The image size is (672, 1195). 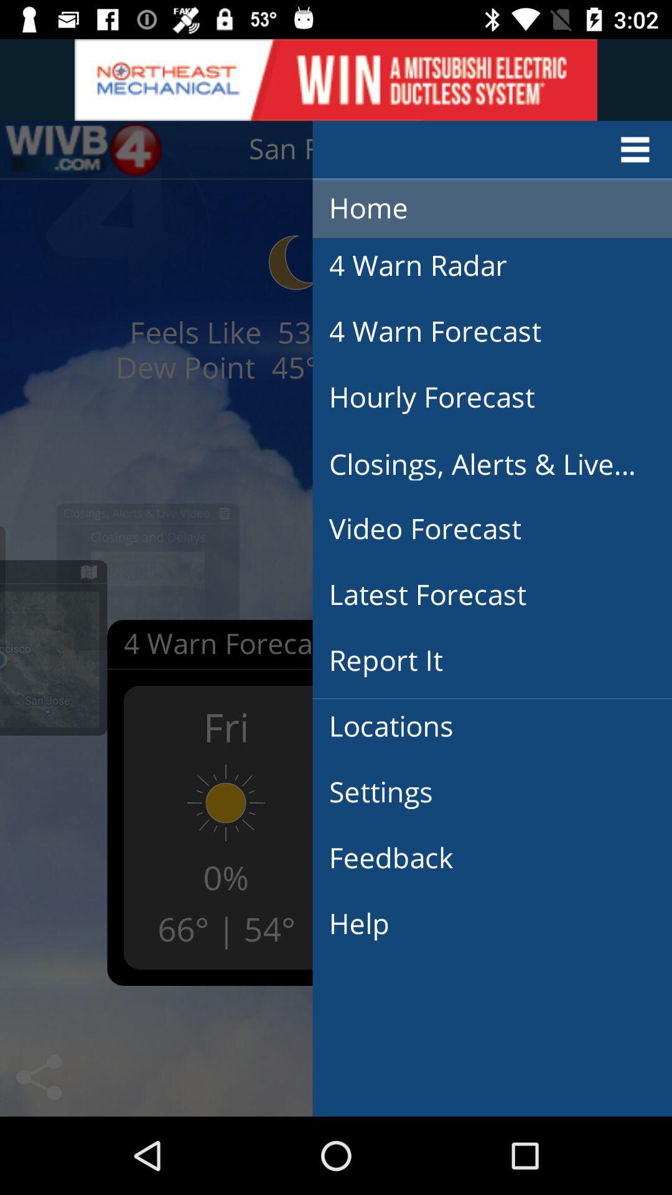 I want to click on the share icon, so click(x=38, y=1077).